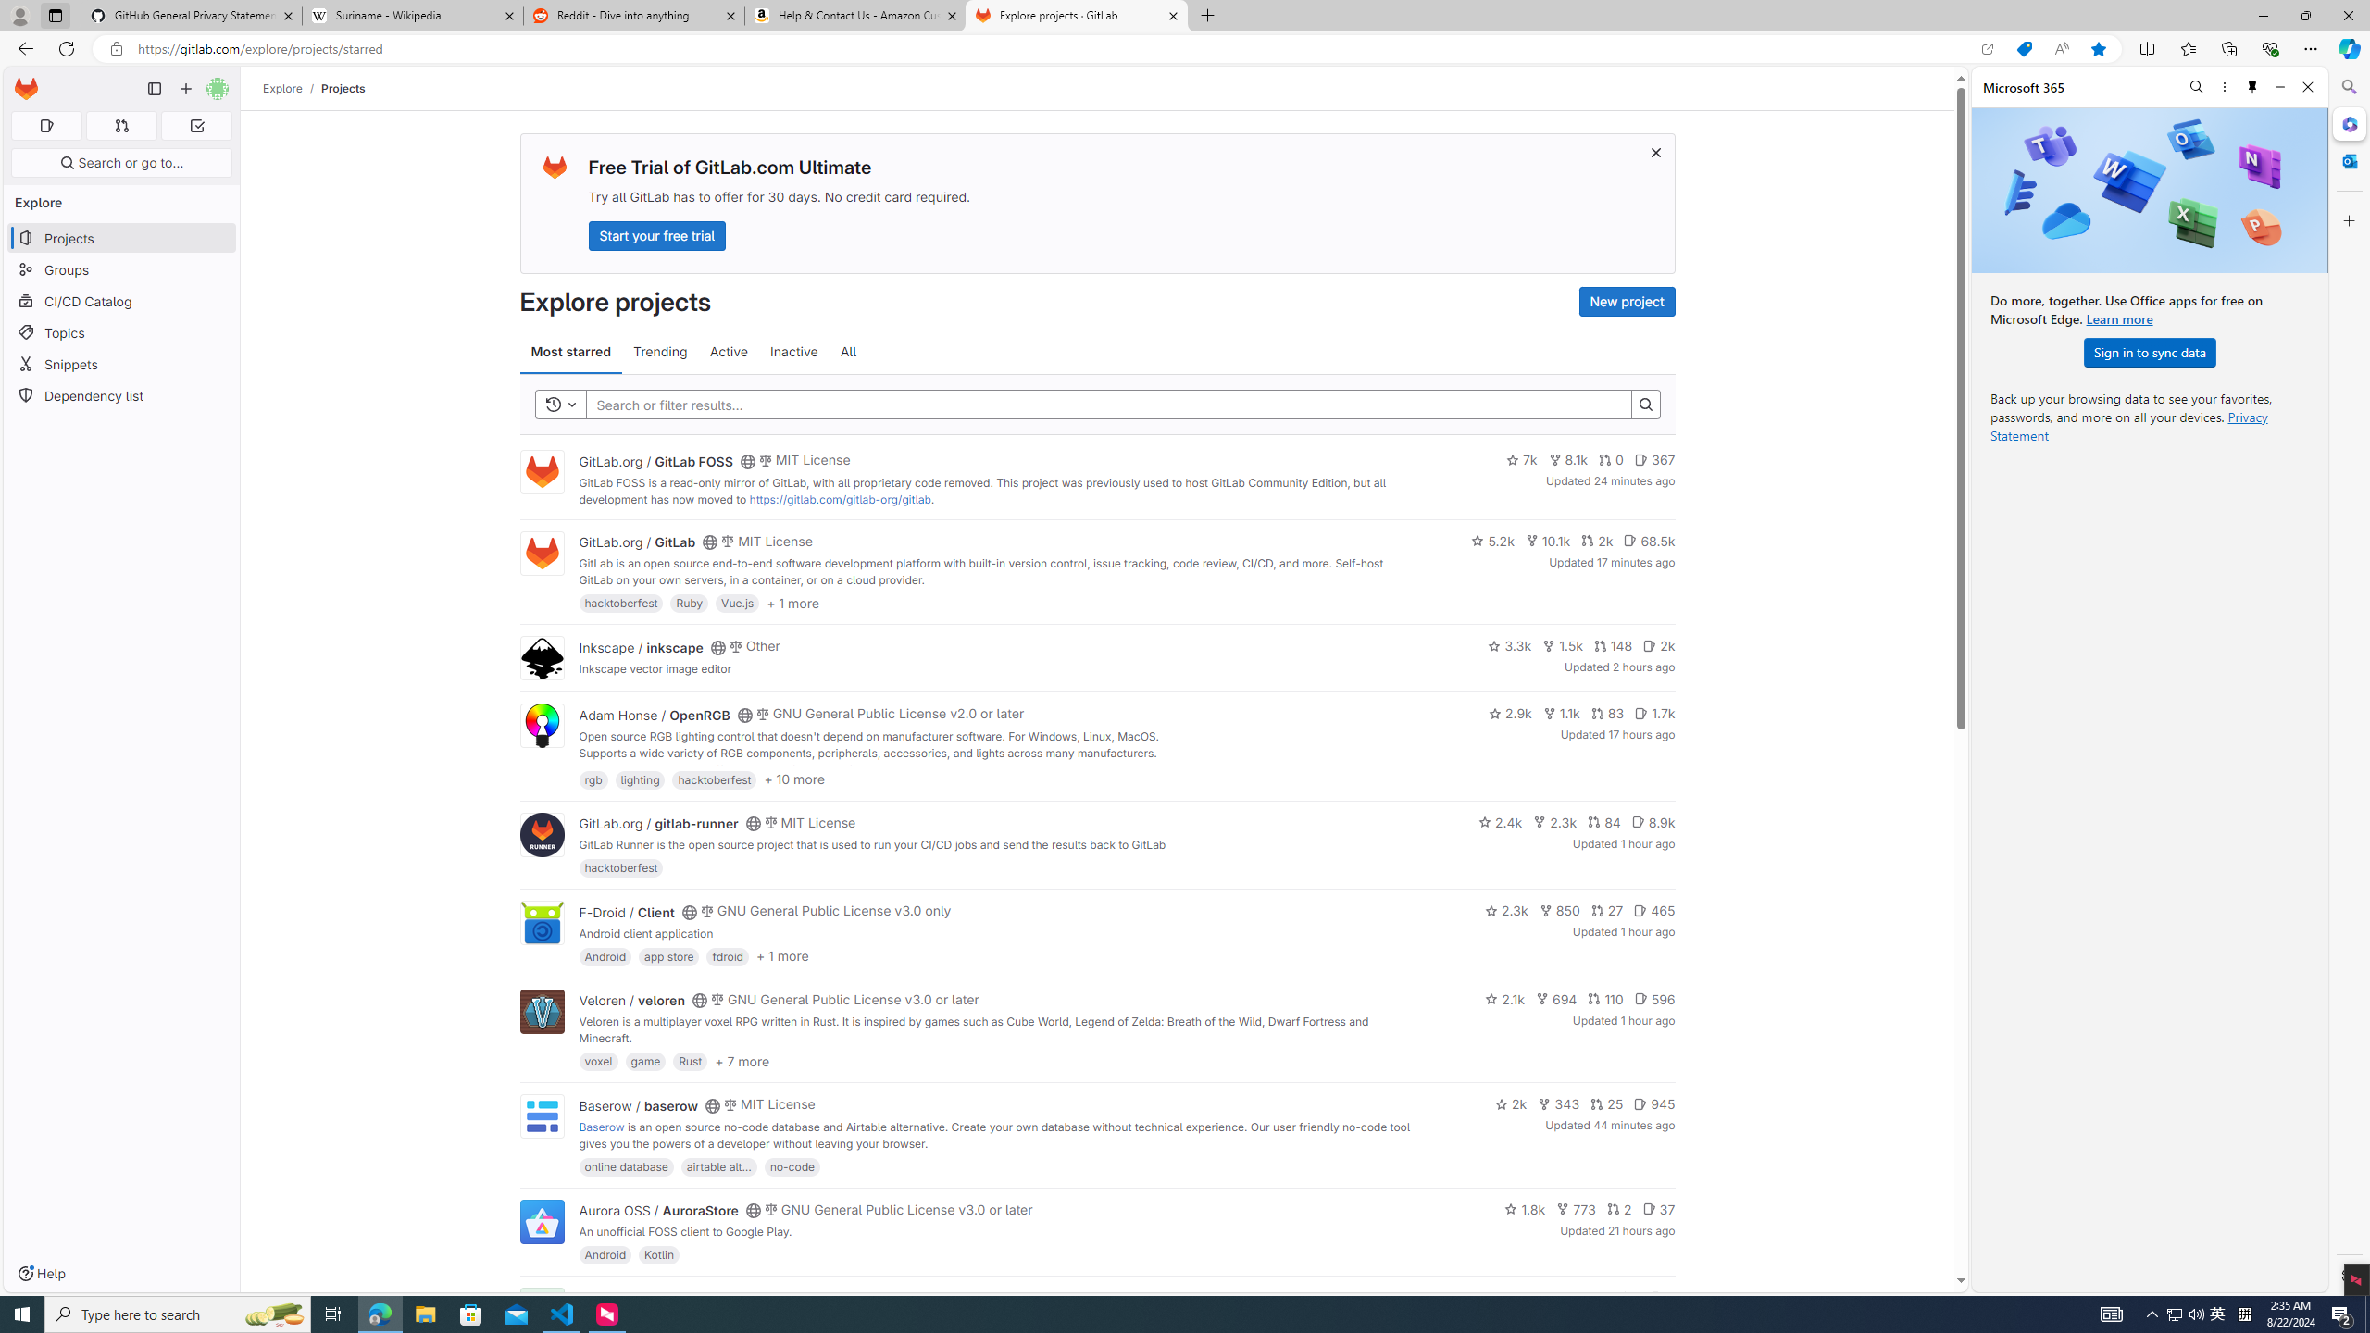 The width and height of the screenshot is (2370, 1333). What do you see at coordinates (120, 332) in the screenshot?
I see `'Topics'` at bounding box center [120, 332].